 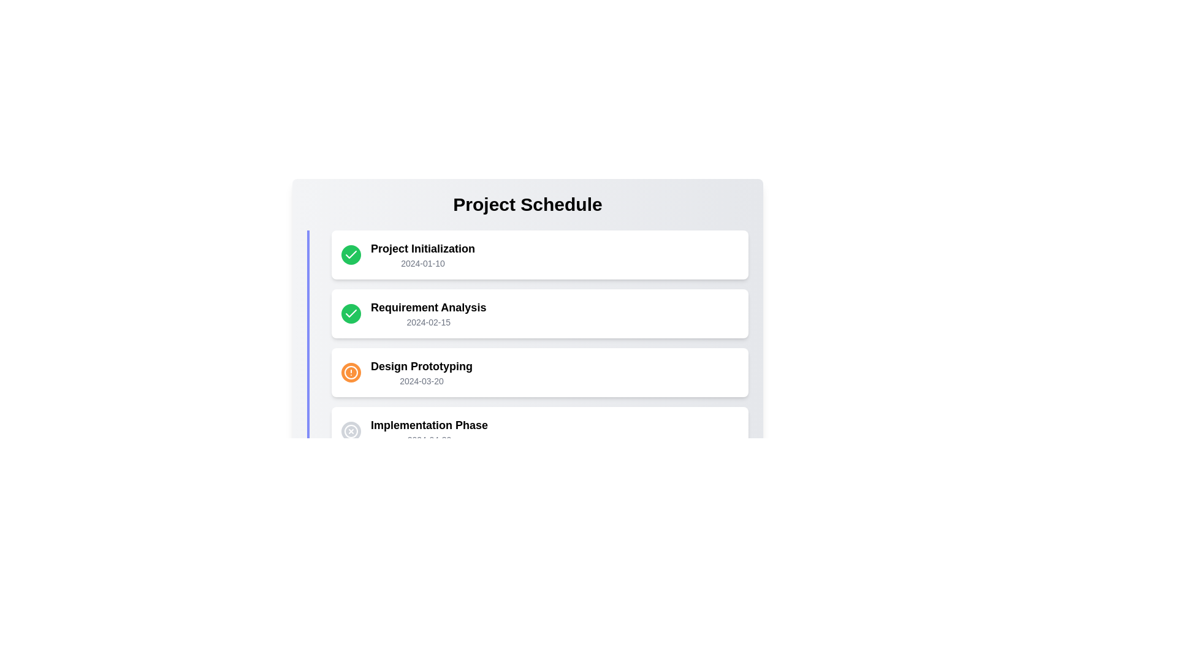 What do you see at coordinates (350, 254) in the screenshot?
I see `the checkmark icon indicating the completion status of the 'Requirement Analysis' task located to the left of the 'Requirement Analysis' text in the 'Project Schedule' interface` at bounding box center [350, 254].